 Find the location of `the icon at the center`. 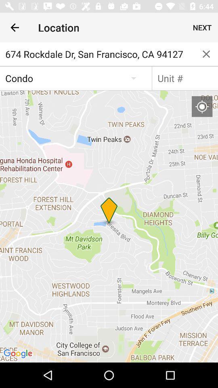

the icon at the center is located at coordinates (109, 226).